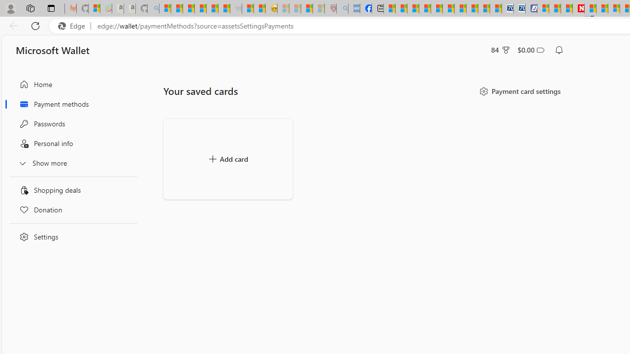 This screenshot has width=630, height=354. What do you see at coordinates (189, 8) in the screenshot?
I see `'The Weather Channel - MSN'` at bounding box center [189, 8].